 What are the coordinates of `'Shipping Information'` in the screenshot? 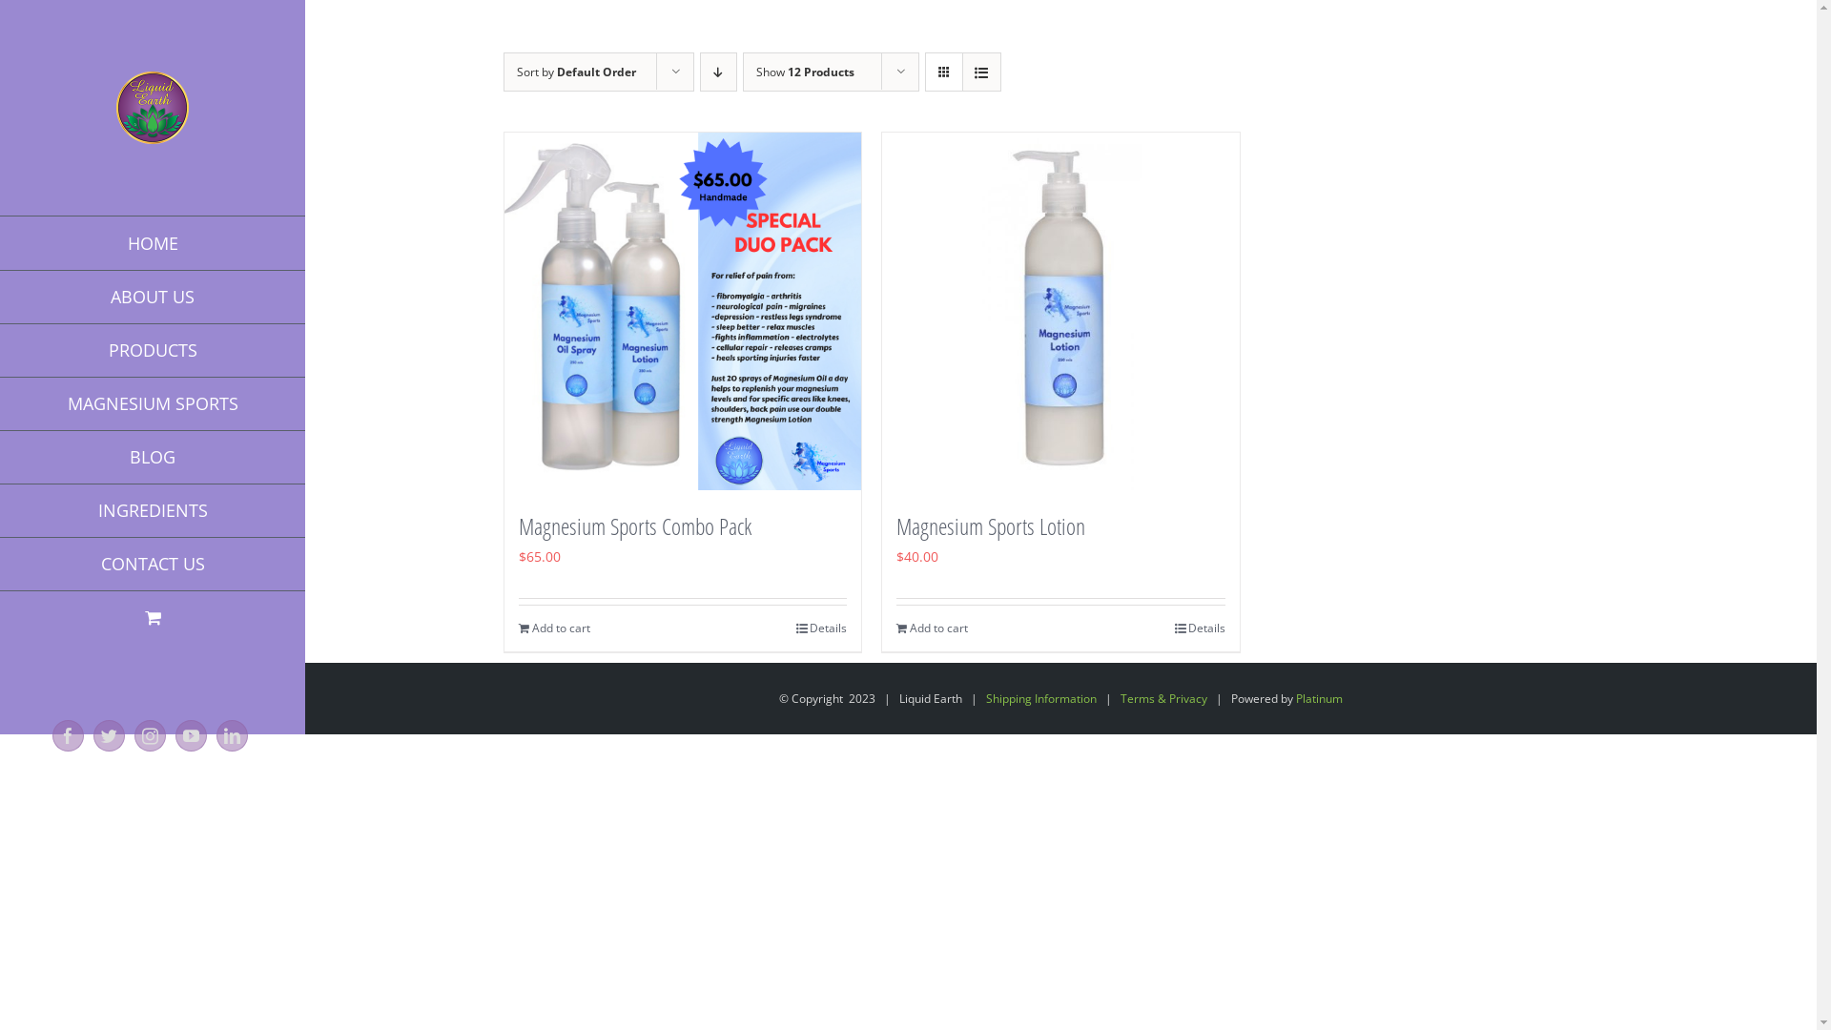 It's located at (1040, 698).